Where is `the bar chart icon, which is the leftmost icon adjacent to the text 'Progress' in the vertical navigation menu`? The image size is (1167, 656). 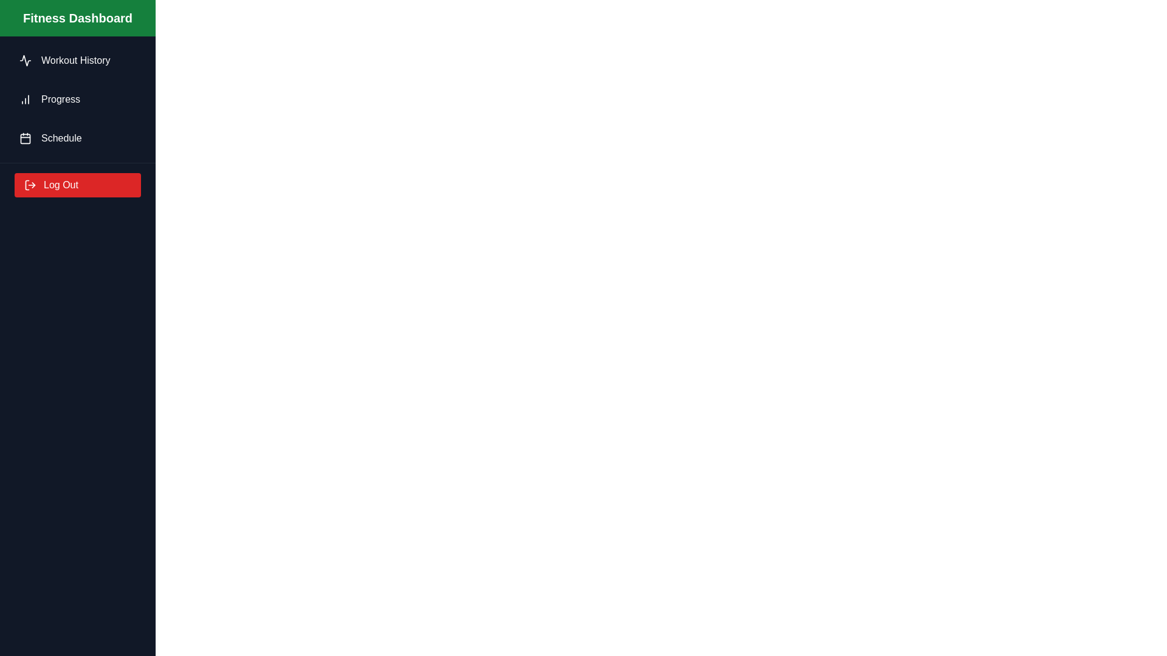 the bar chart icon, which is the leftmost icon adjacent to the text 'Progress' in the vertical navigation menu is located at coordinates (26, 99).